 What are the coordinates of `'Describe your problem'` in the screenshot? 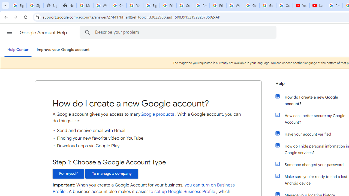 It's located at (179, 32).